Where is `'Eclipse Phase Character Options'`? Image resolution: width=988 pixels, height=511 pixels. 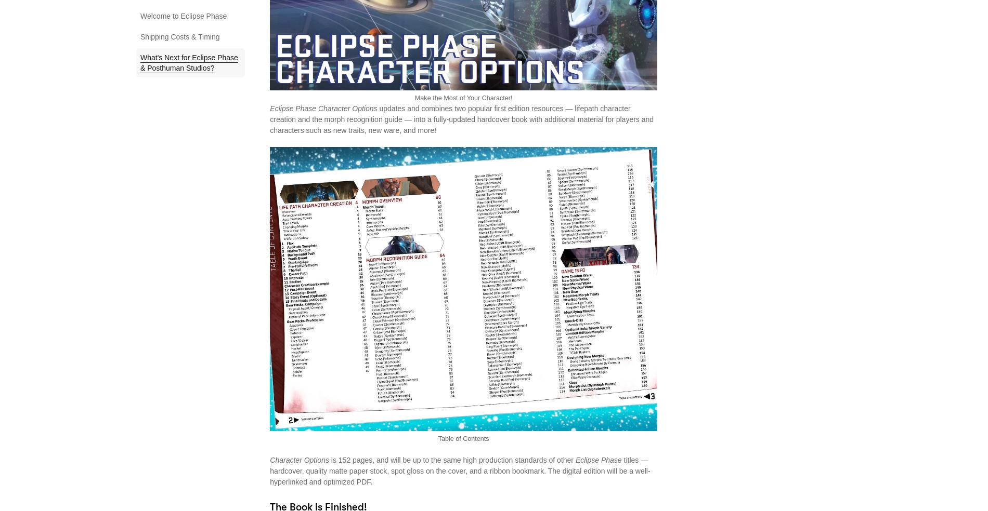
'Eclipse Phase Character Options' is located at coordinates (270, 109).